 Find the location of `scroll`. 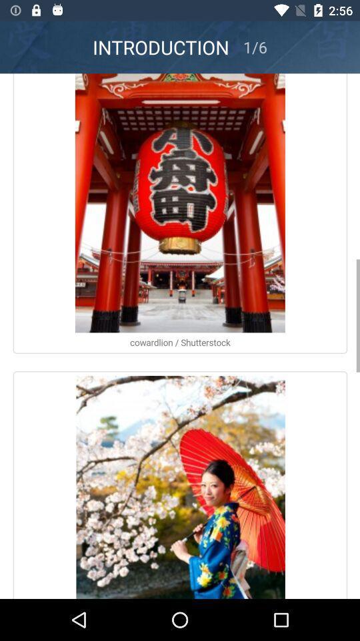

scroll is located at coordinates (180, 335).